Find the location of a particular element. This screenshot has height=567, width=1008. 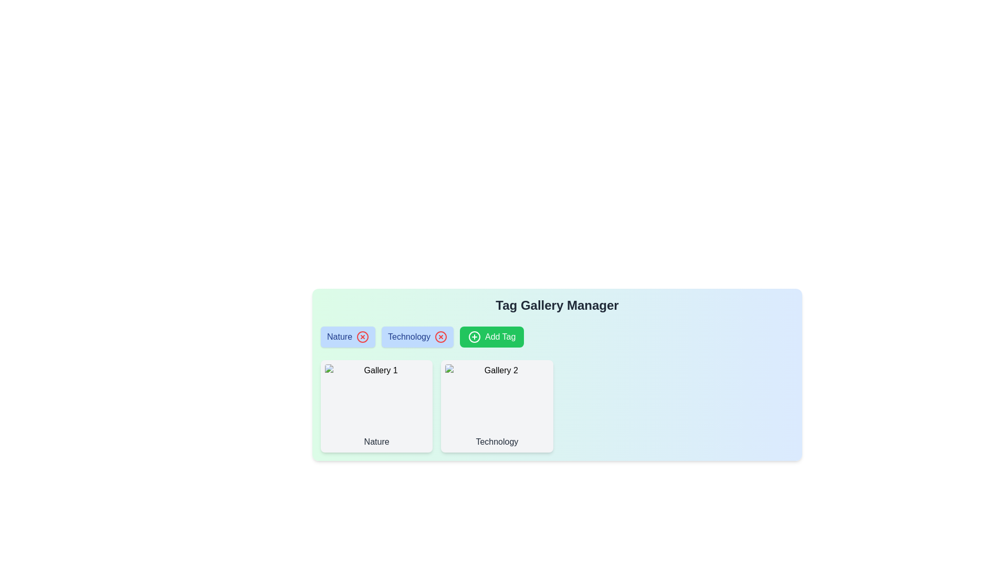

the leftmost card in the gallery representing the category 'Nature' is located at coordinates (376, 406).